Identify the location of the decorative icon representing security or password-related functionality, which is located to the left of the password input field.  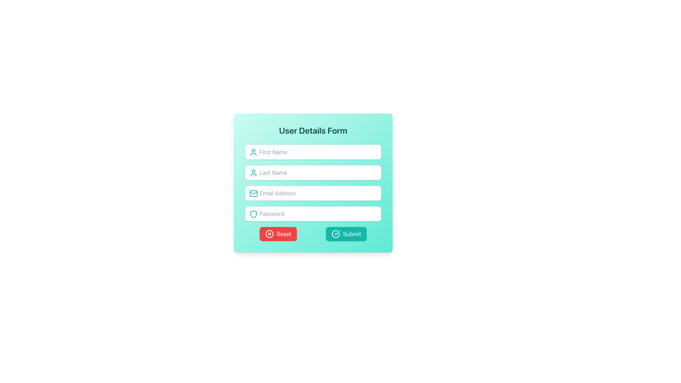
(254, 214).